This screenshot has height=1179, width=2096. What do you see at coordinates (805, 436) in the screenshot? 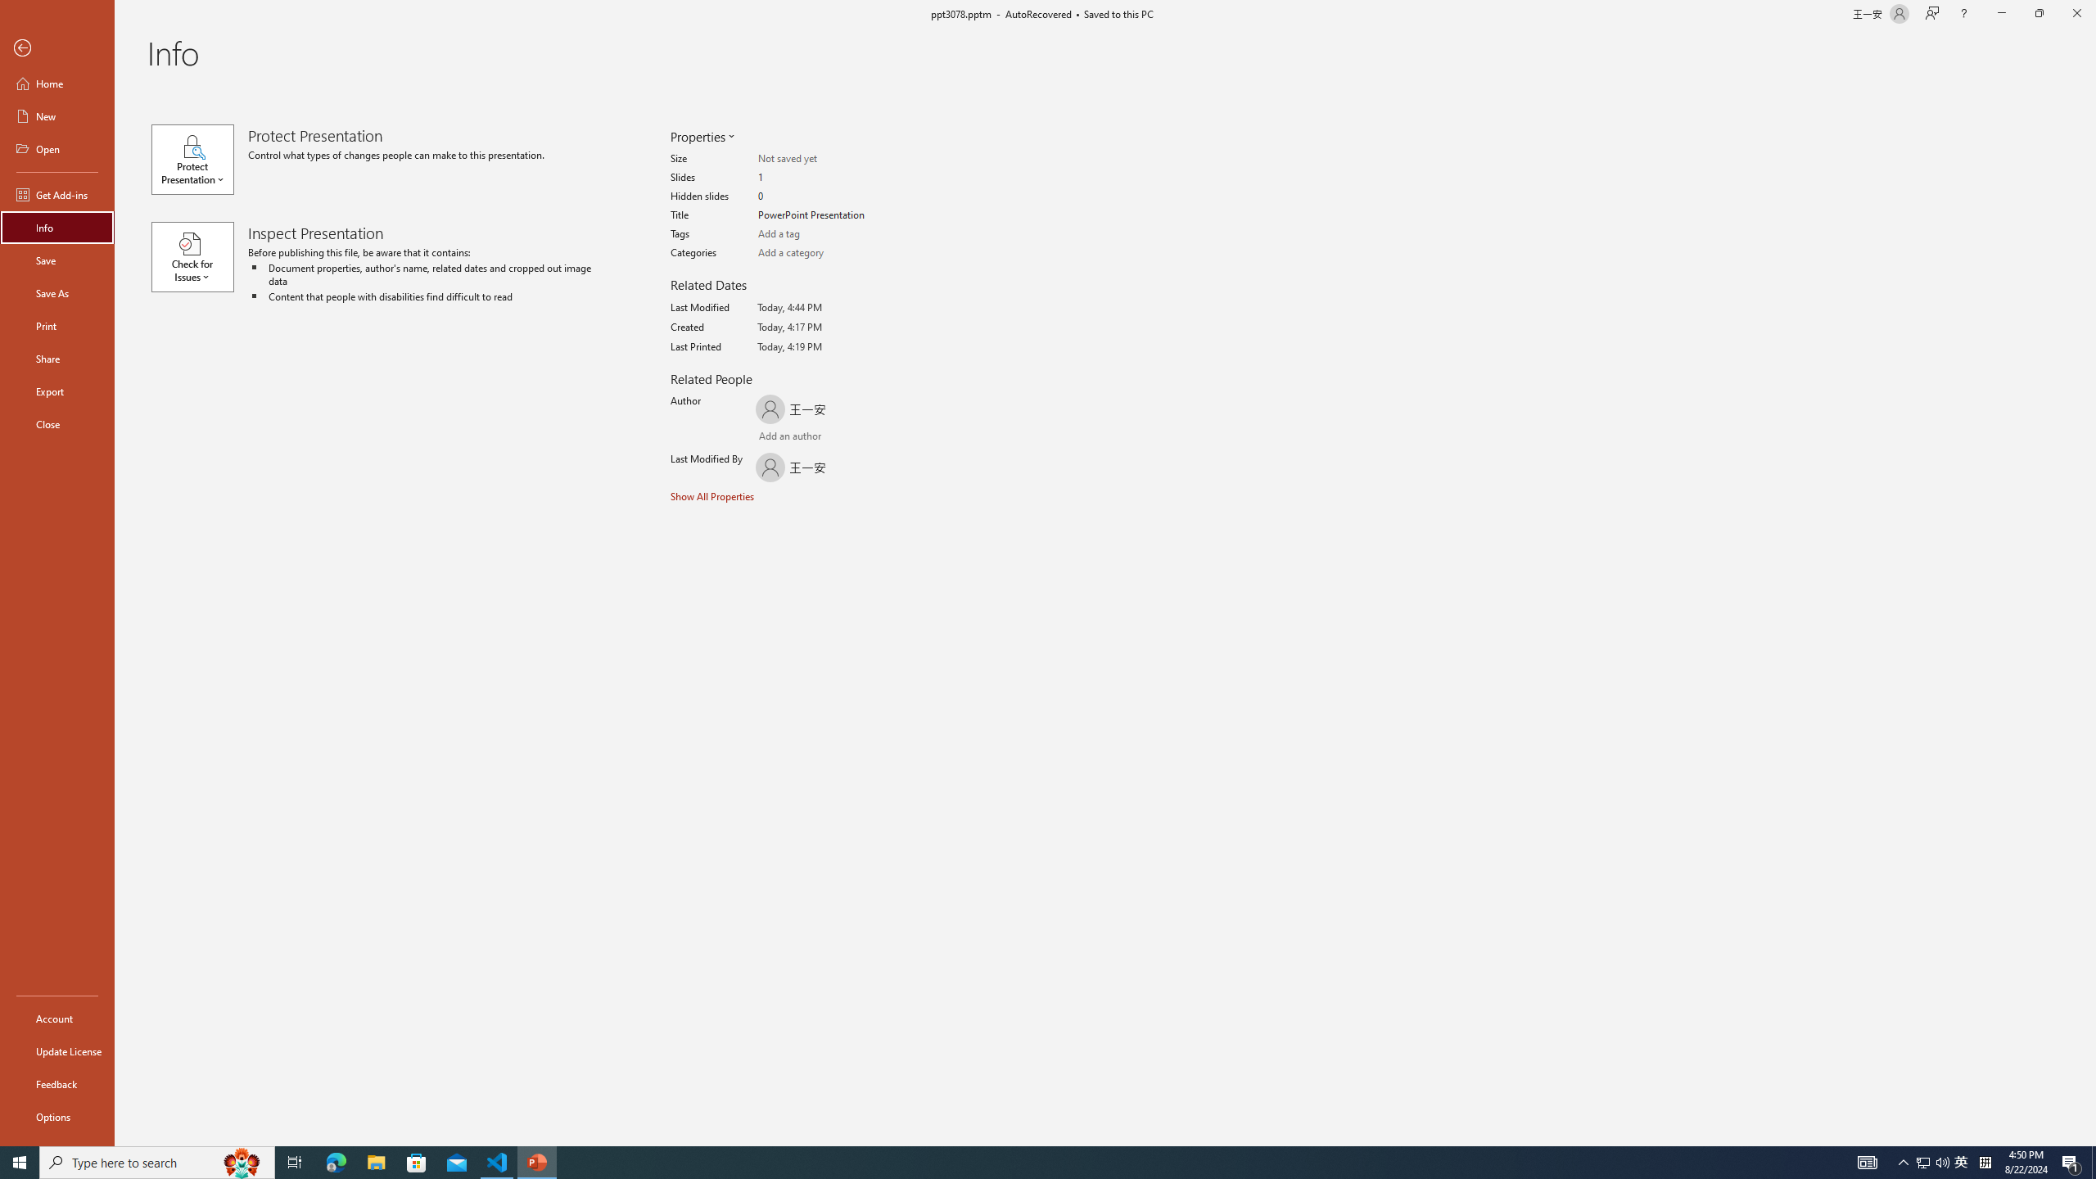
I see `'Verify Names'` at bounding box center [805, 436].